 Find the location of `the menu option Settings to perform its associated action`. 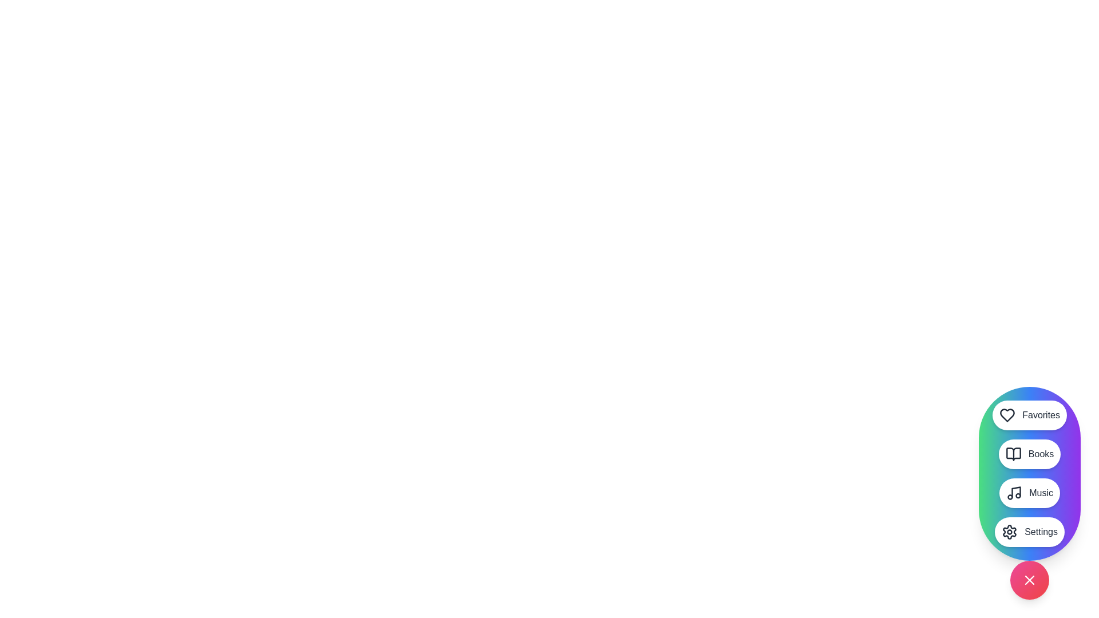

the menu option Settings to perform its associated action is located at coordinates (1030, 532).